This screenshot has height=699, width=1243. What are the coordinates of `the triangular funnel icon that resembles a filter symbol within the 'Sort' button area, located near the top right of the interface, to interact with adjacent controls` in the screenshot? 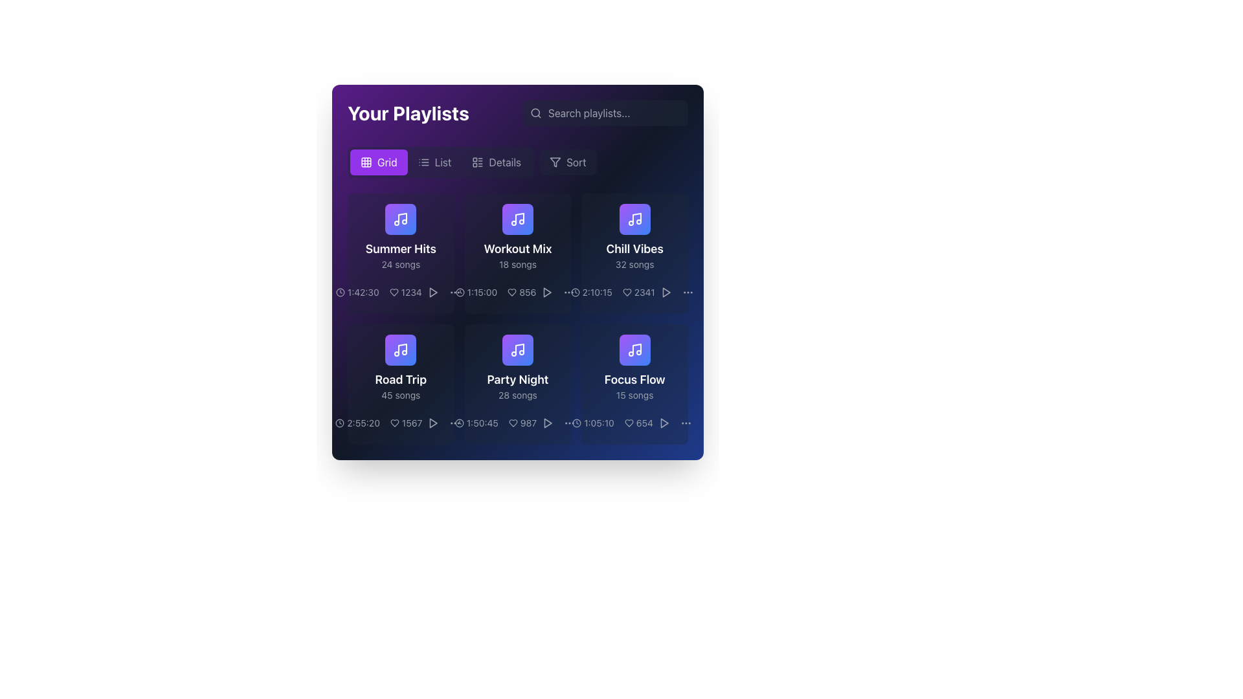 It's located at (555, 161).